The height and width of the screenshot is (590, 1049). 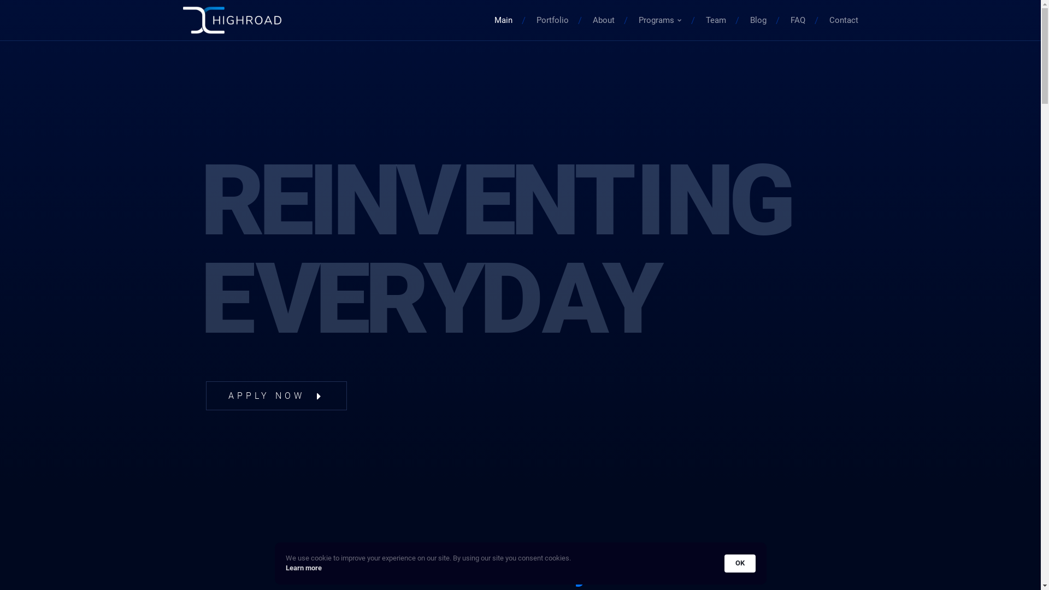 What do you see at coordinates (716, 20) in the screenshot?
I see `'Team'` at bounding box center [716, 20].